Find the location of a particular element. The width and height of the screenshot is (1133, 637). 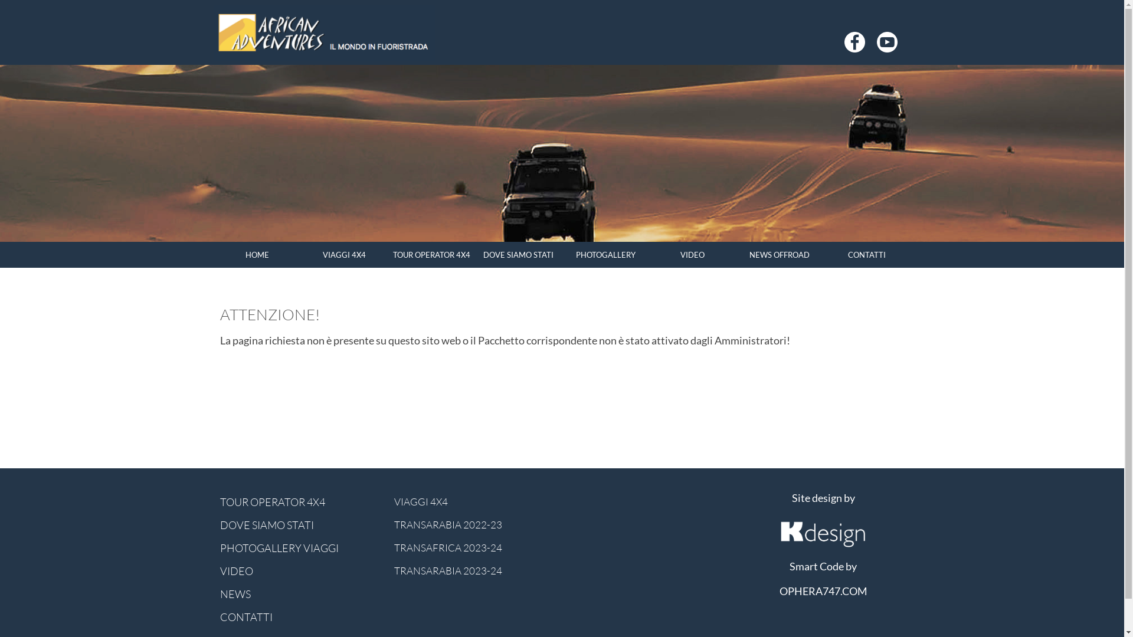

'VIAGGI 4X4' is located at coordinates (344, 254).